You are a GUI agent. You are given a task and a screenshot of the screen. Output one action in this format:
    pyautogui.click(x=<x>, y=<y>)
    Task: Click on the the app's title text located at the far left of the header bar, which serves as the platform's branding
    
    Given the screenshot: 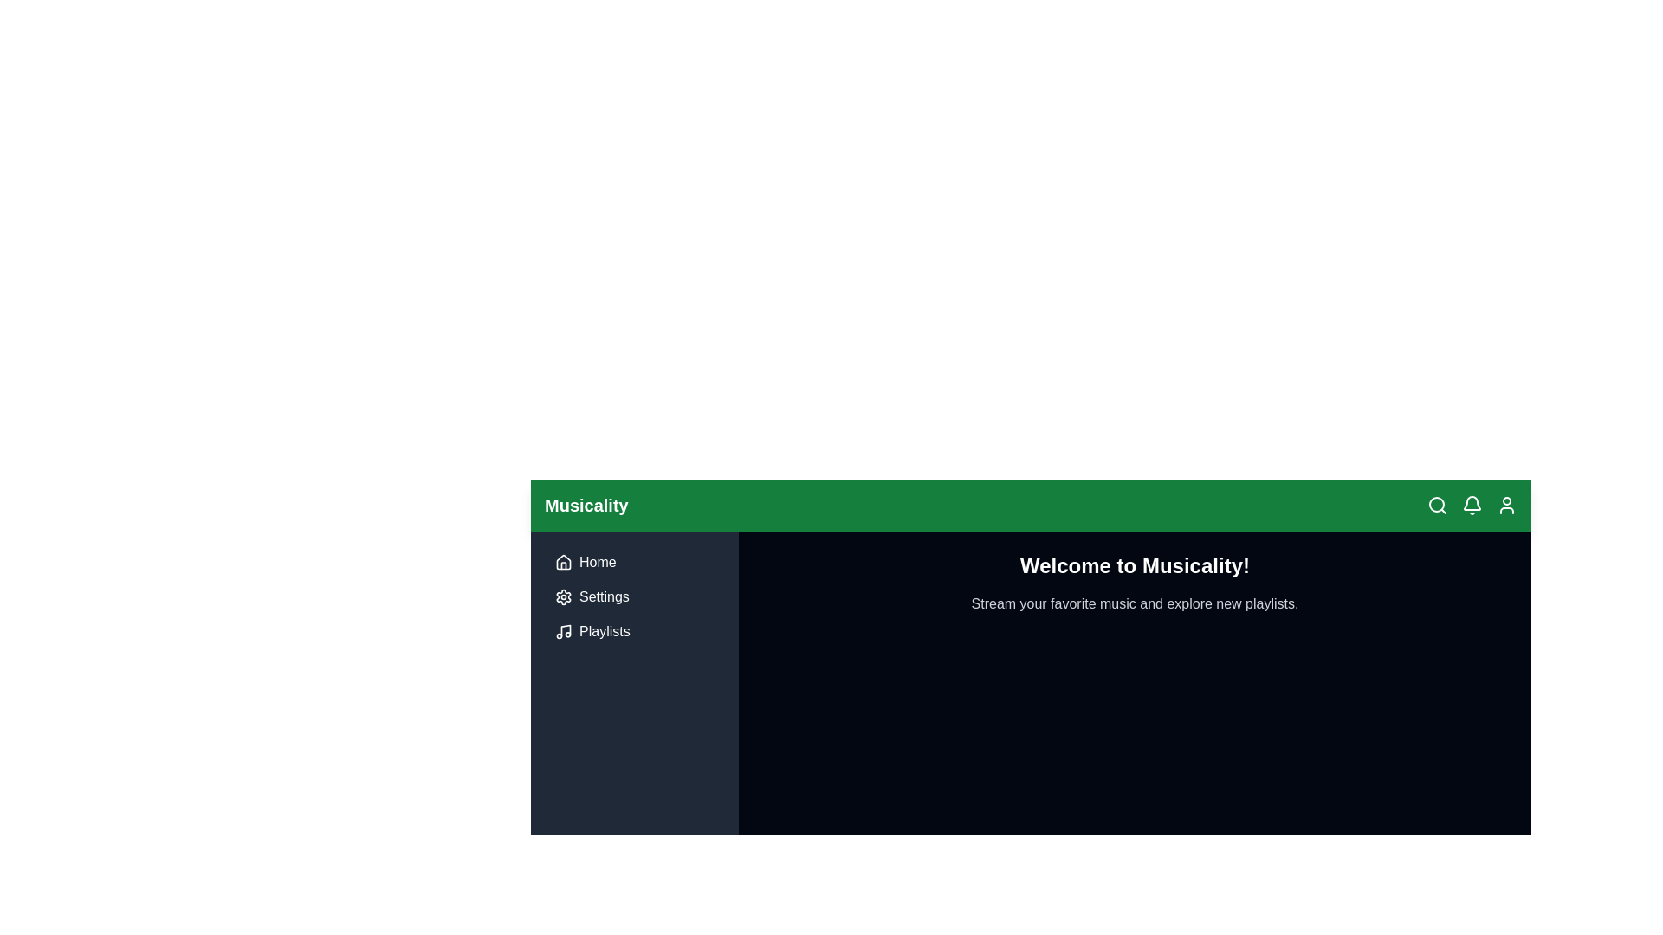 What is the action you would take?
    pyautogui.click(x=586, y=505)
    